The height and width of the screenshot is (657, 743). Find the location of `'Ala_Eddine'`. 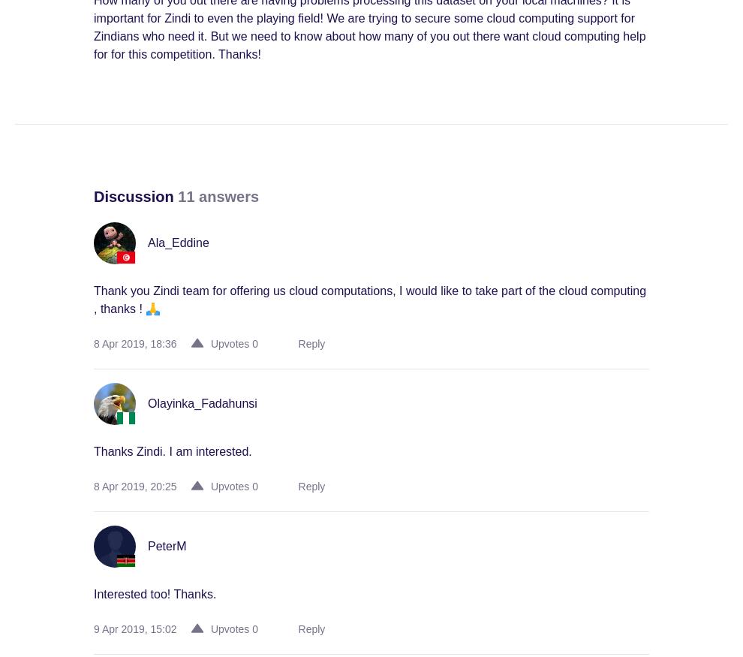

'Ala_Eddine' is located at coordinates (177, 243).